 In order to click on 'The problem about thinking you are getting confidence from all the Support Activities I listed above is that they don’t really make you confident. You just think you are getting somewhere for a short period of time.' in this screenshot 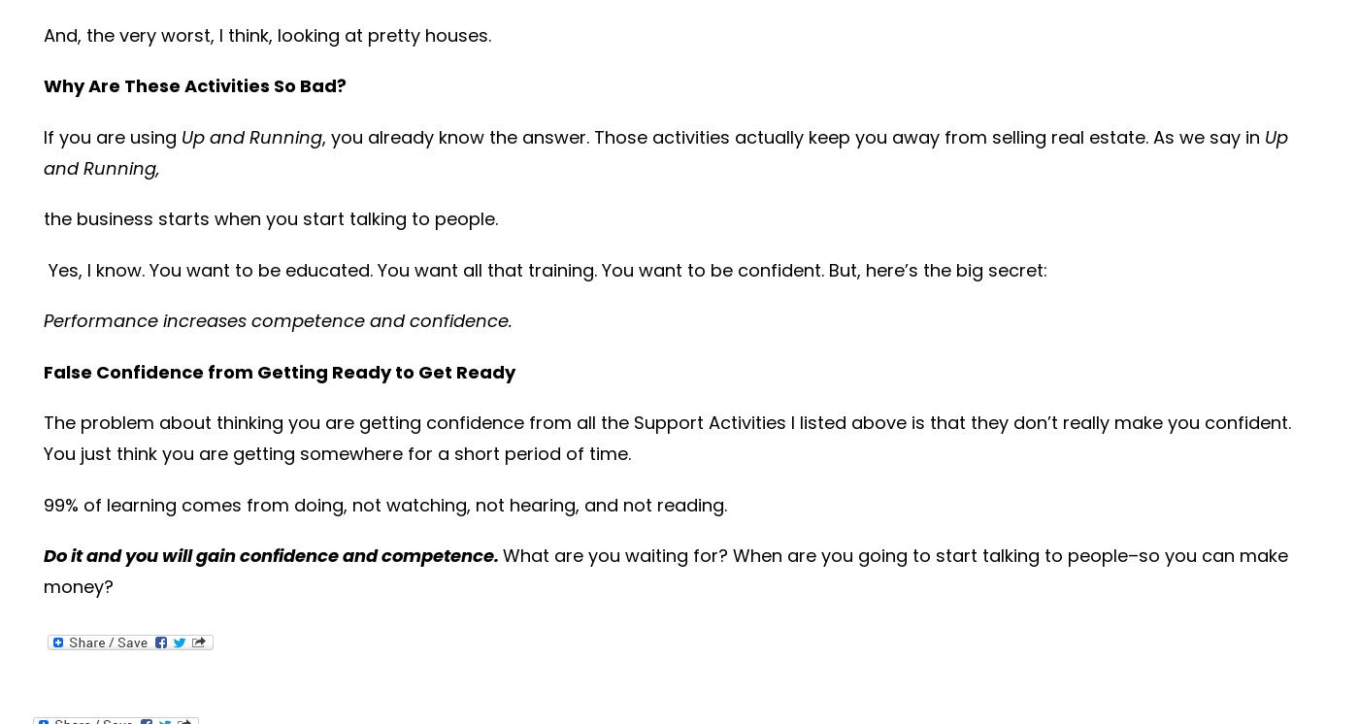, I will do `click(666, 438)`.